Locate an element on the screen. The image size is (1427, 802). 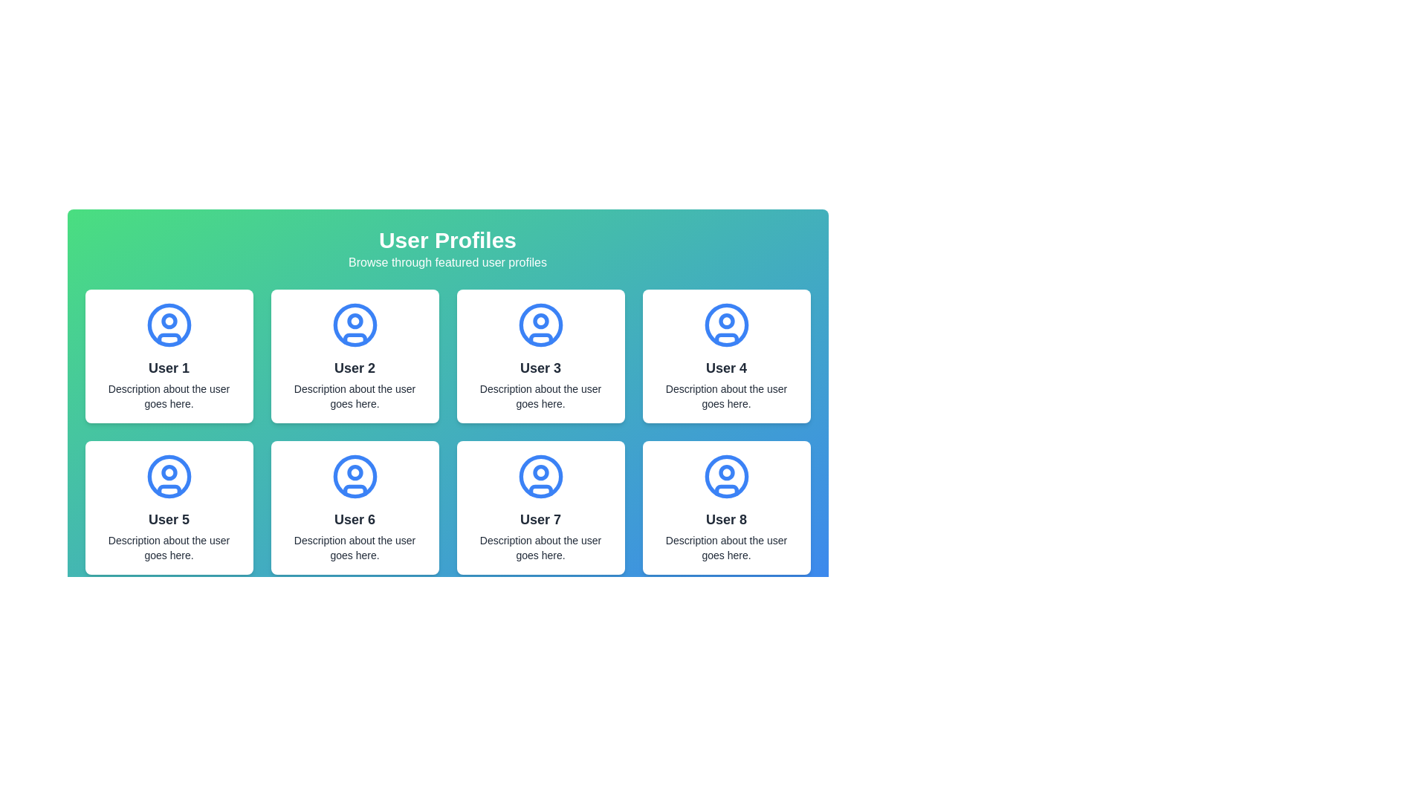
the text label displaying 'User 7' located in the seventh user profile card, positioned below the user avatar is located at coordinates (540, 518).